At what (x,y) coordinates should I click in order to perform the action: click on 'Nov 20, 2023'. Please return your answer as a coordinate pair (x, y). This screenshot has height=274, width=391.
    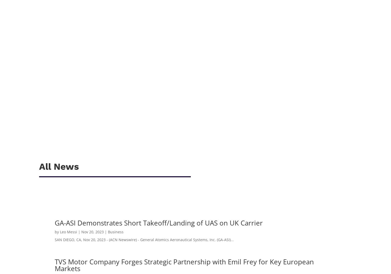
    Looking at the image, I should click on (81, 231).